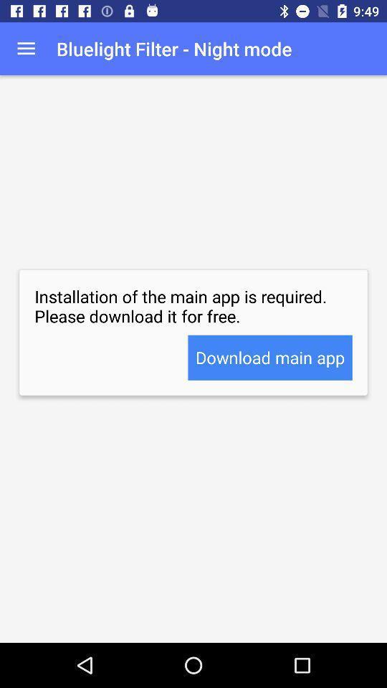 The image size is (387, 688). Describe the element at coordinates (26, 49) in the screenshot. I see `the icon next to the bluelight filter night icon` at that location.